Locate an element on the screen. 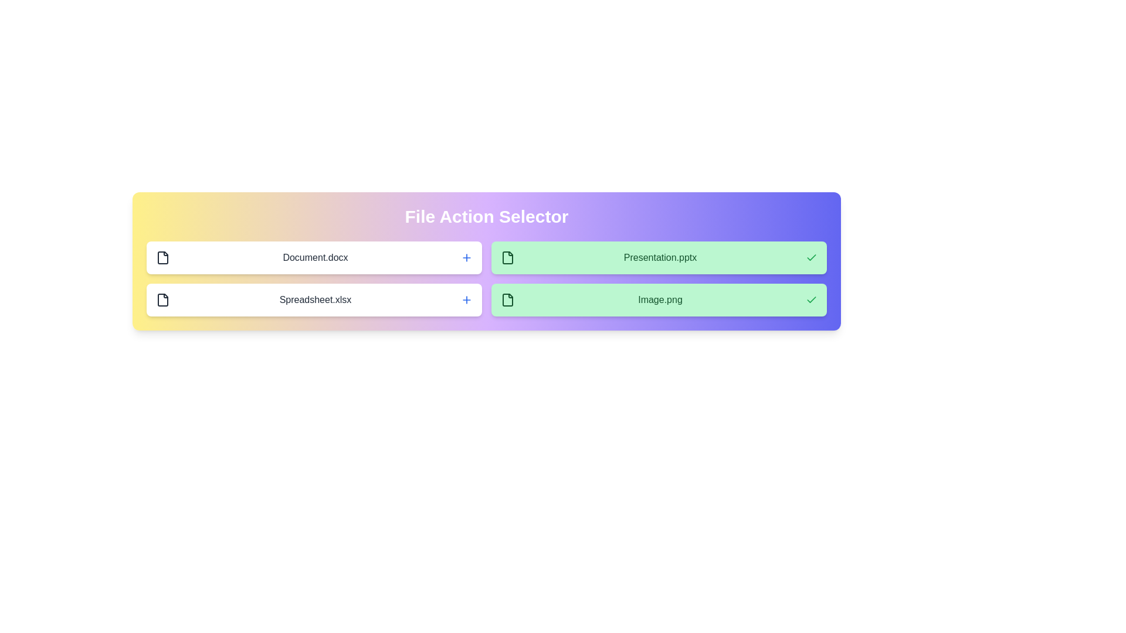 This screenshot has width=1126, height=633. the file Document.docx by clicking on its row is located at coordinates (314, 257).